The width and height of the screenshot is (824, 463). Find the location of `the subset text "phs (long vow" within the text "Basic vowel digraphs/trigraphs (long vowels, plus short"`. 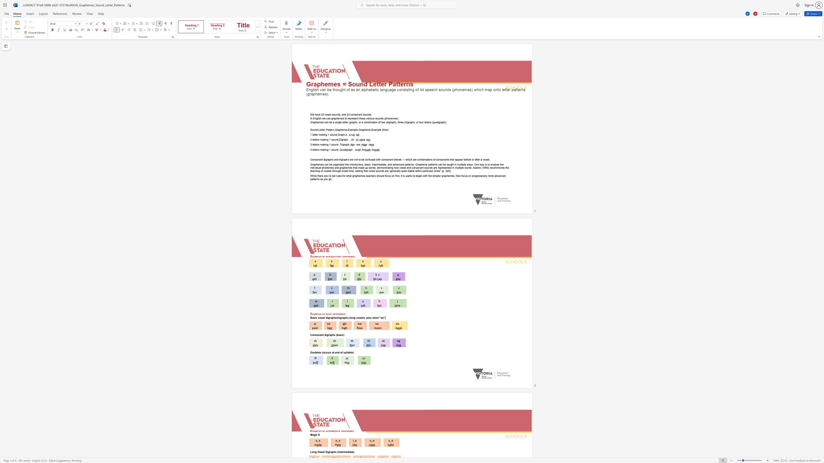

the subset text "phs (long vow" within the text "Basic vowel digraphs/trigraphs (long vowels, plus short" is located at coordinates (344, 318).